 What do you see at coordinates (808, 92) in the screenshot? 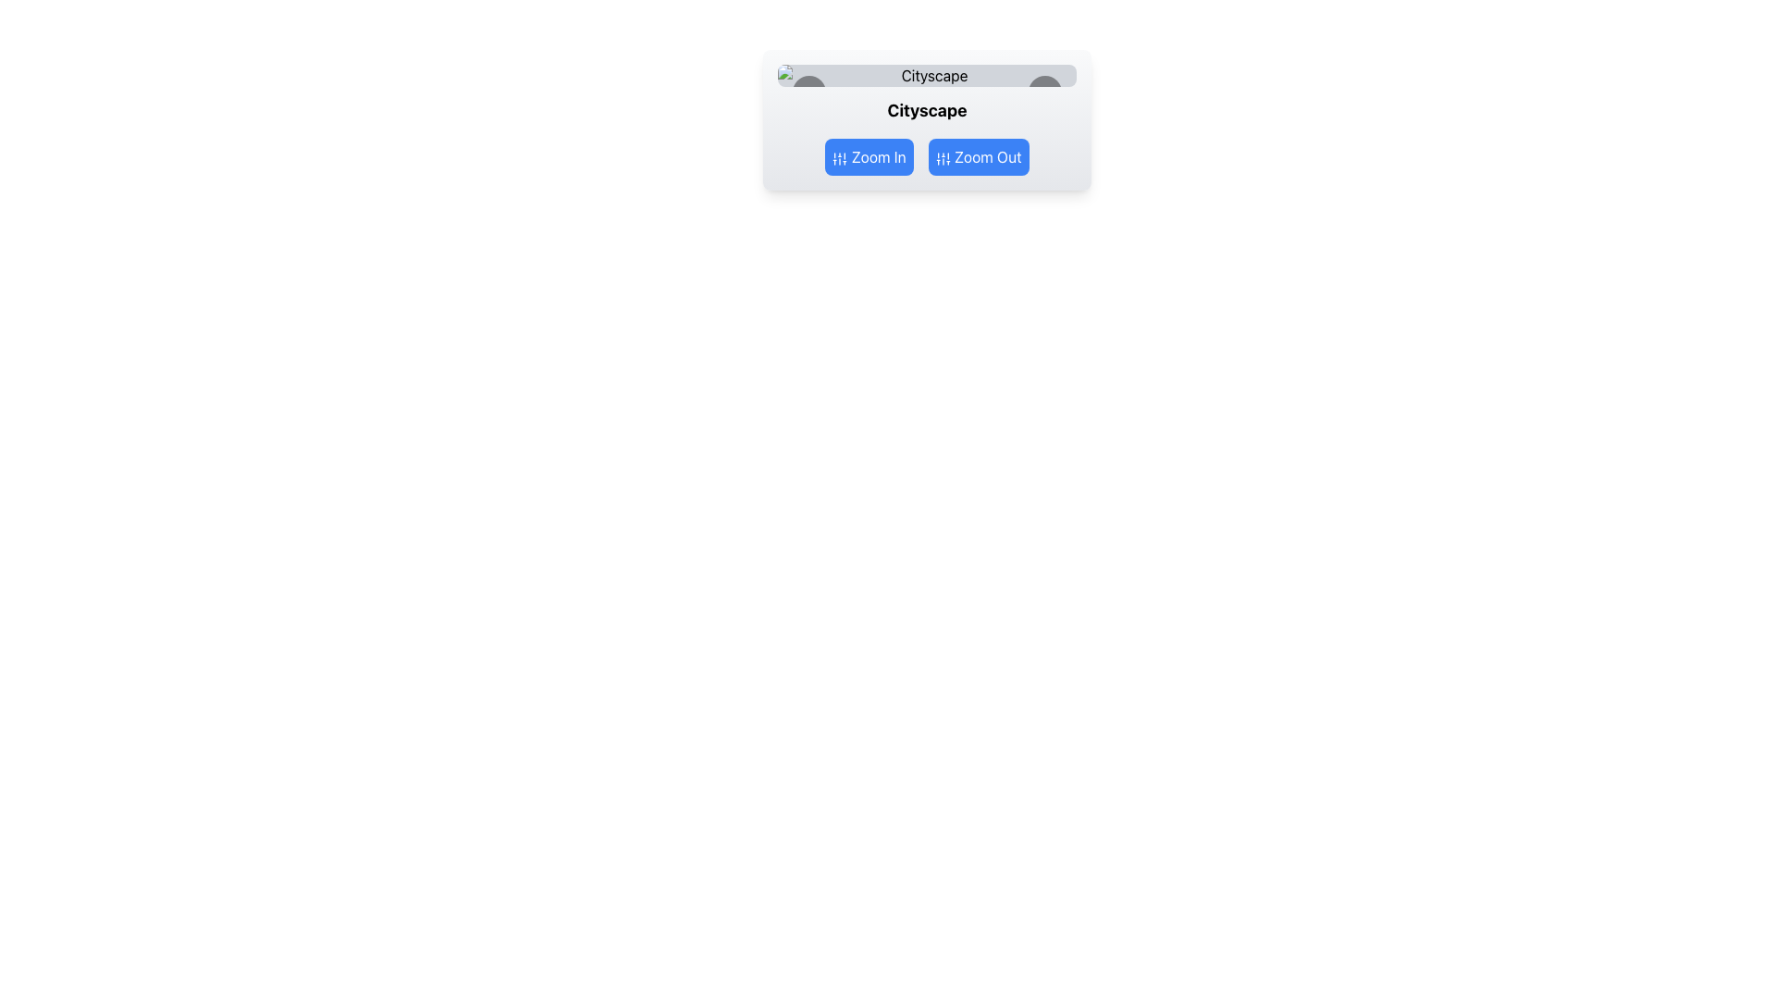
I see `the backward navigation icon located at the top-left corner of the visible interface, which serves as a visual indicator for navigating to a previous view` at bounding box center [808, 92].